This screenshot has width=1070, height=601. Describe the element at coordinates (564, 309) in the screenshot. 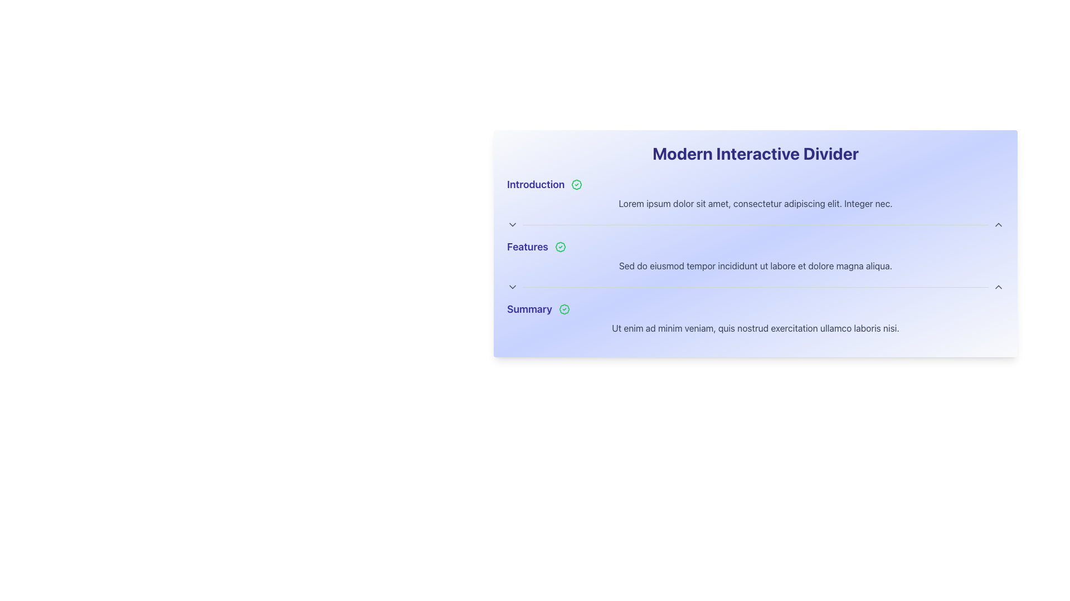

I see `the outer shape of the badge icon, which indicates a positive state or completion, positioned to the right of the 'Summary' label in the third item of a vertical list within a card-like layout` at that location.